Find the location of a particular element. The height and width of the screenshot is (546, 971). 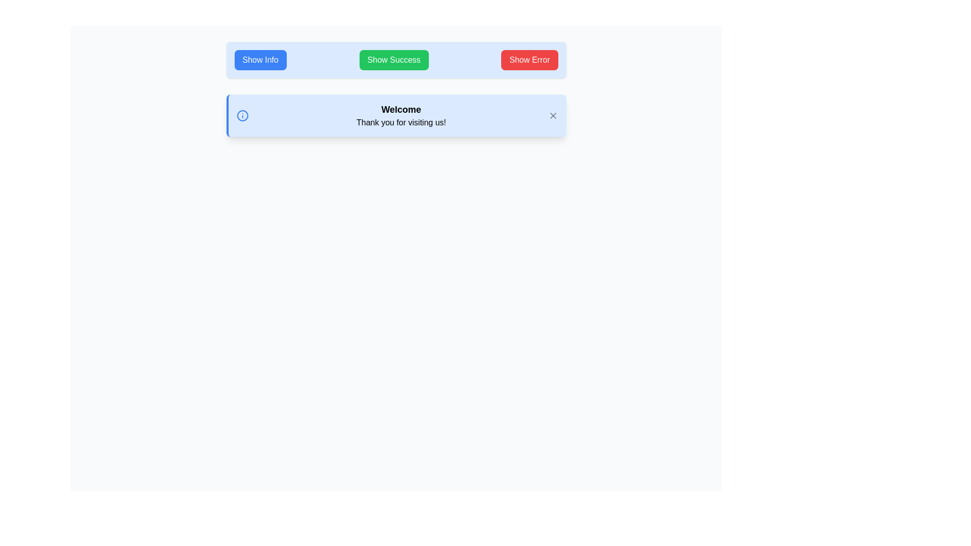

the close icon located in the top right corner of the notification box with the title 'Welcome' is located at coordinates (552, 115).